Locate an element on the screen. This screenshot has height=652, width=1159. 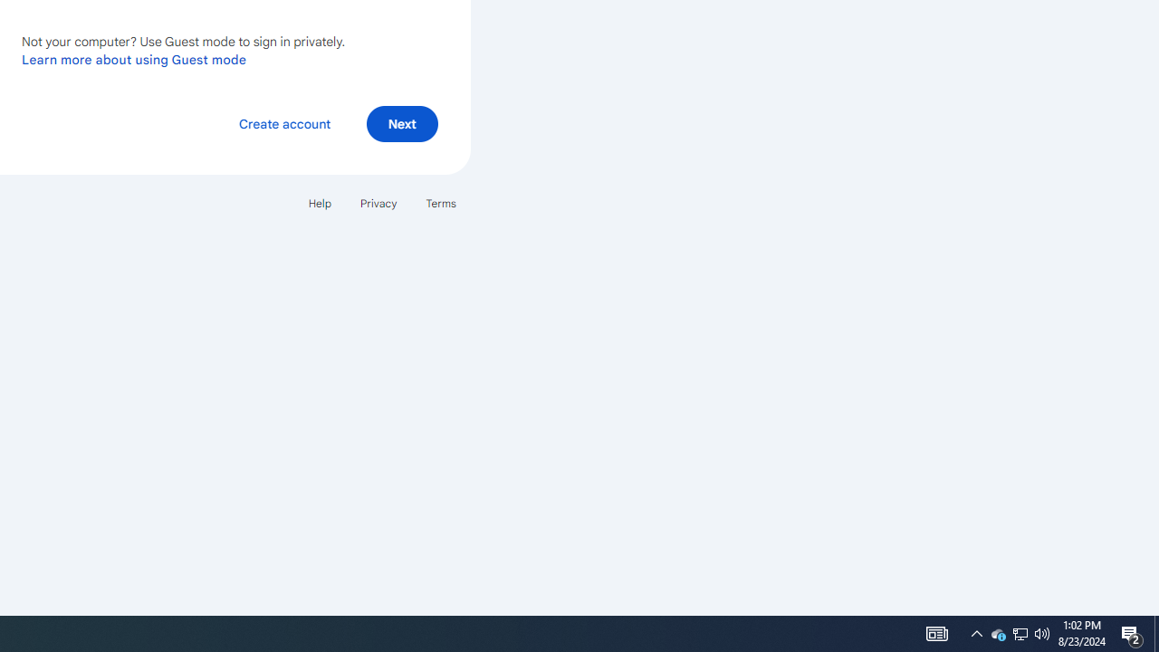
'Next' is located at coordinates (401, 122).